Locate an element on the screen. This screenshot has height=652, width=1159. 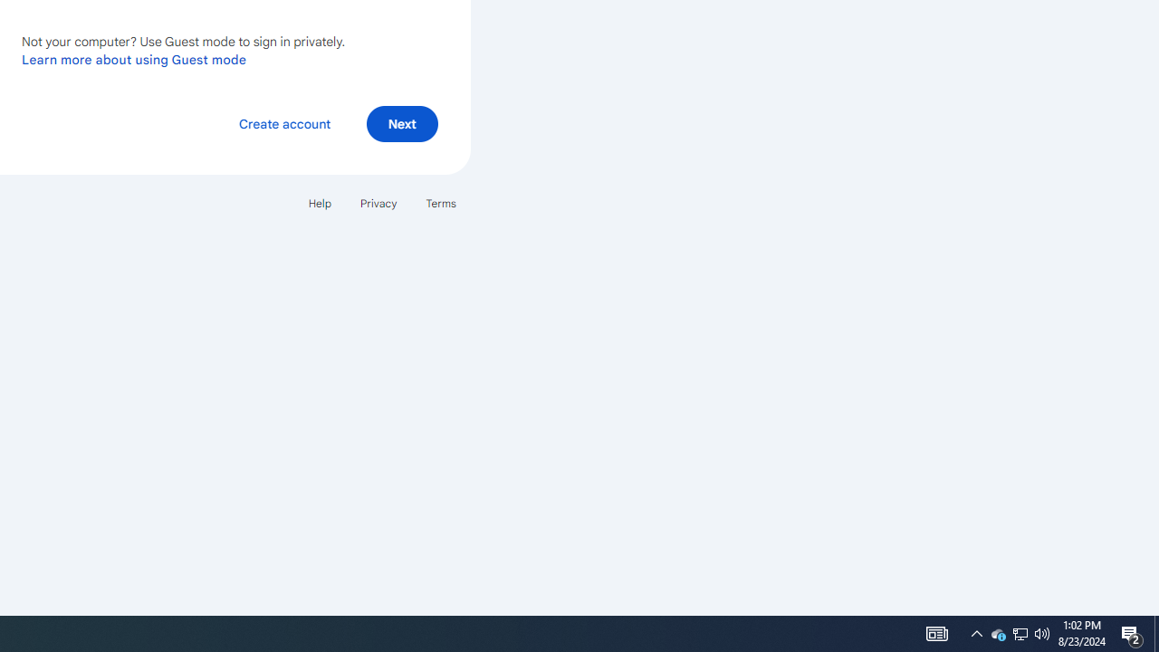
'Next' is located at coordinates (401, 122).